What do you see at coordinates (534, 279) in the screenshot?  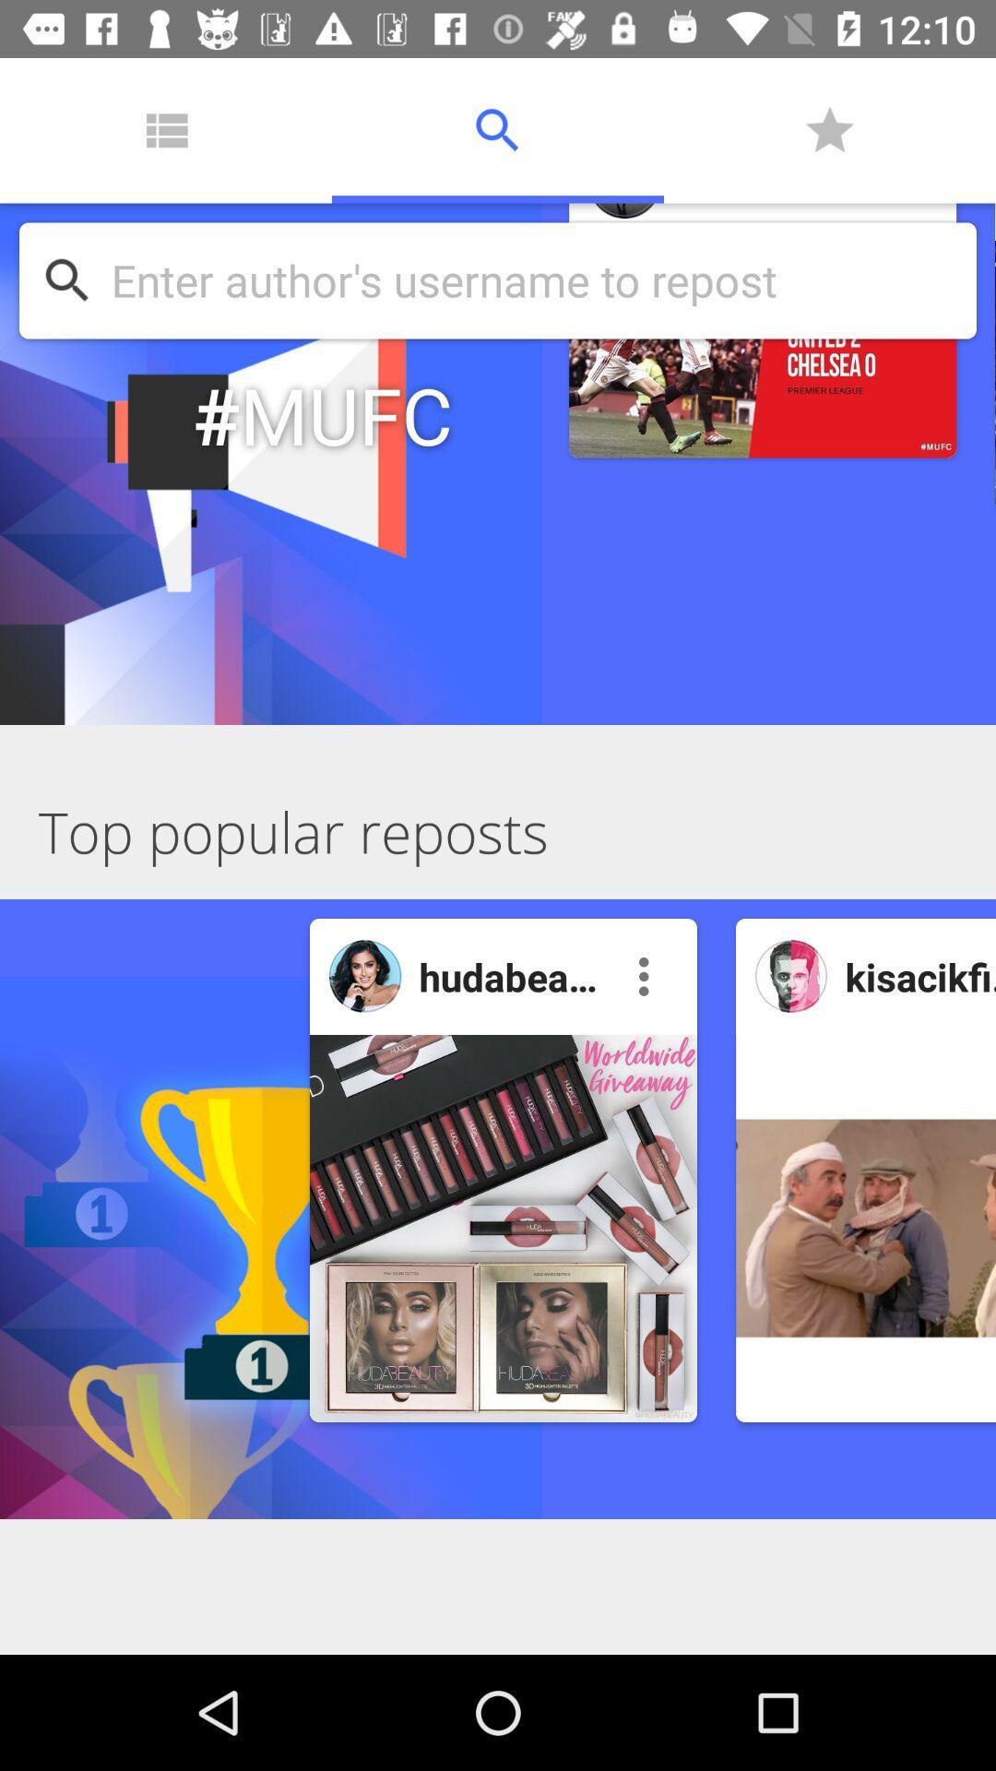 I see `search bar` at bounding box center [534, 279].